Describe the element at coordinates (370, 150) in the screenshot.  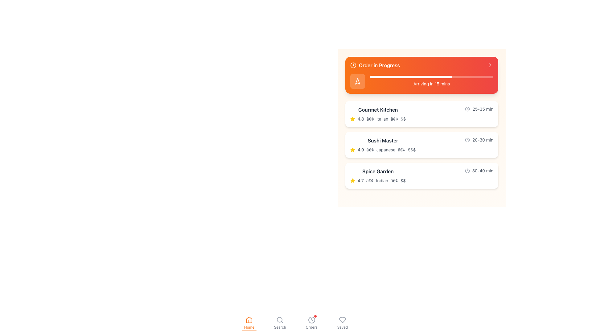
I see `the second bullet point character '•' located between the text '4.9' and 'Japanese'` at that location.